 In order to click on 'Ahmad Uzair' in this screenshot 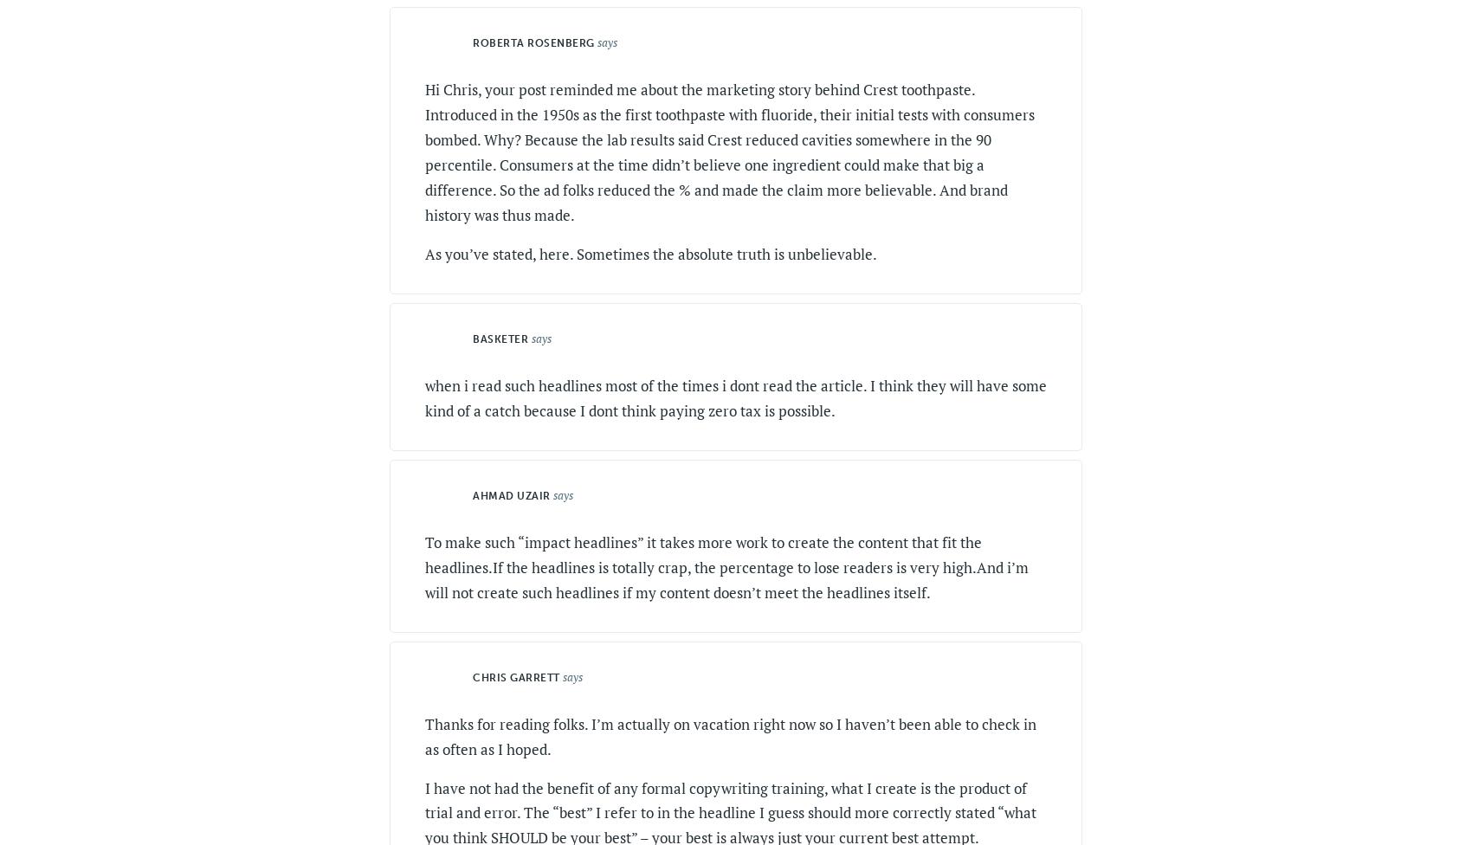, I will do `click(510, 495)`.